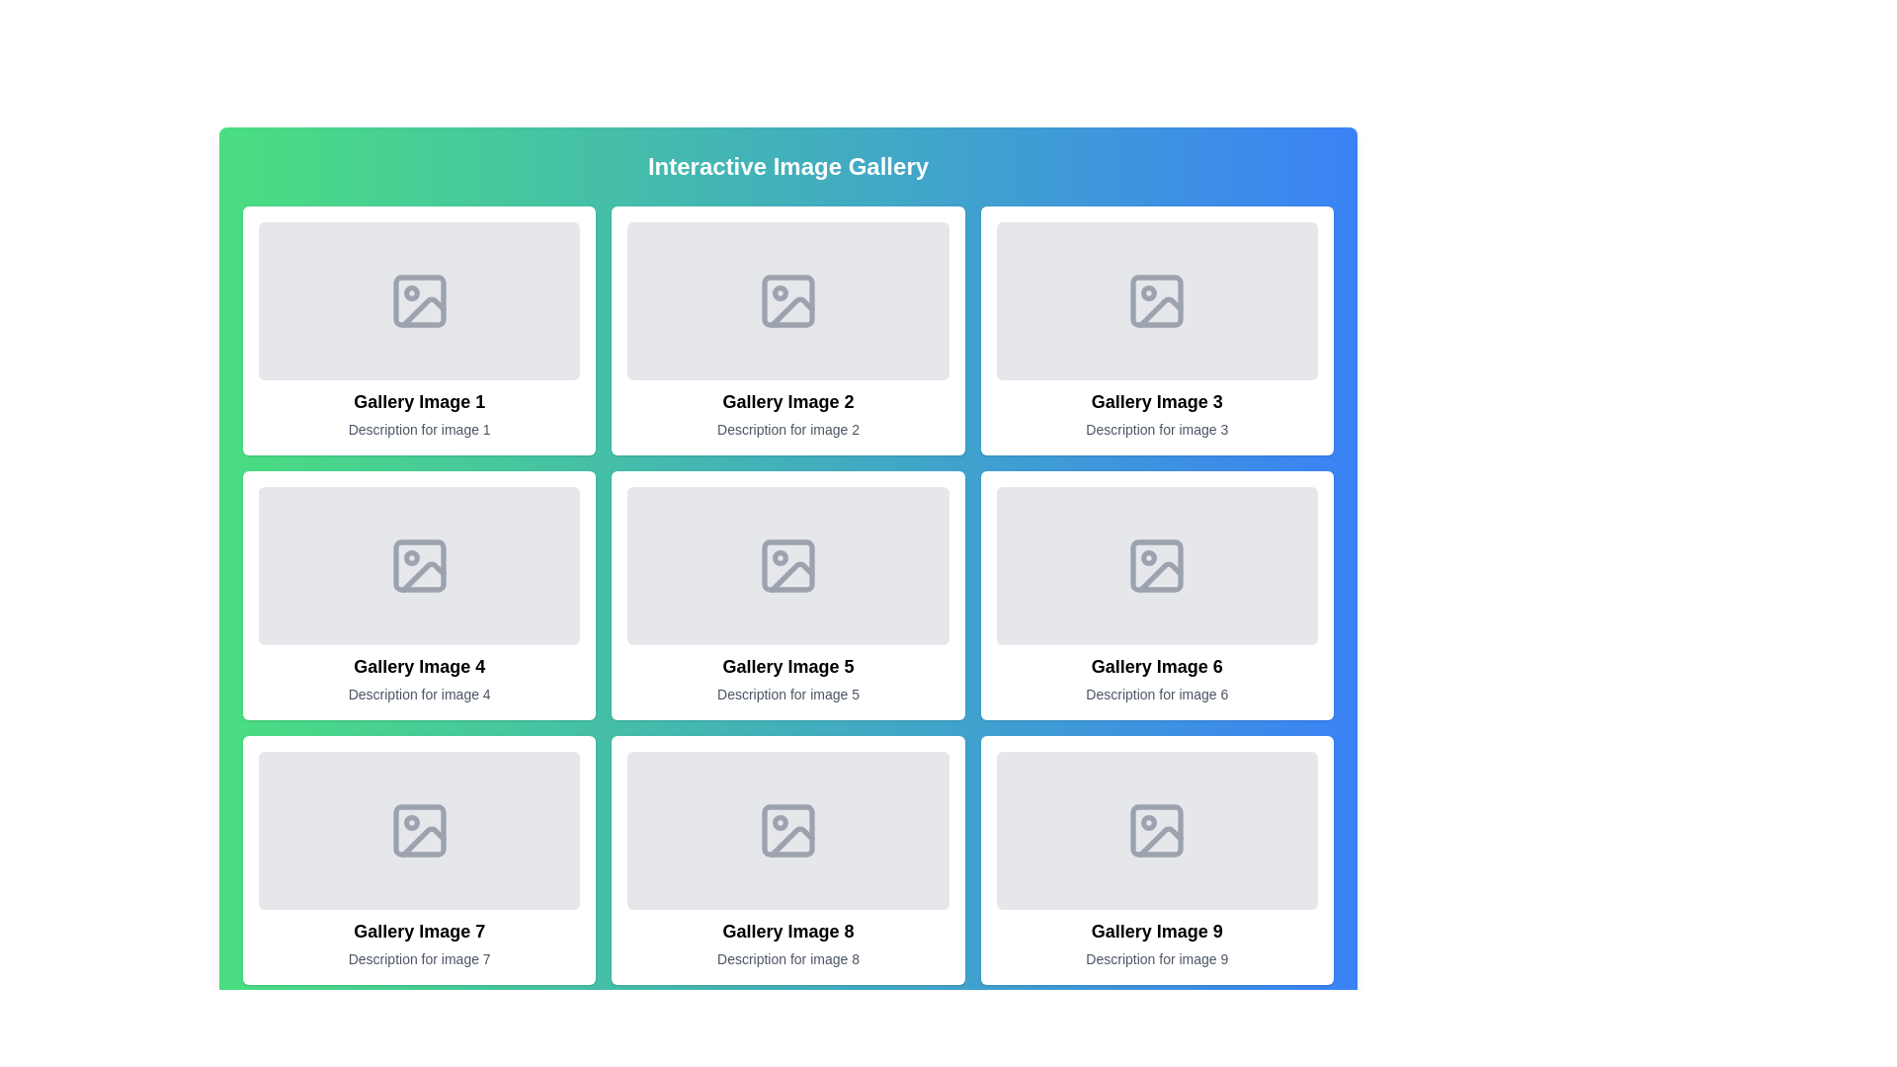 This screenshot has height=1067, width=1897. What do you see at coordinates (779, 293) in the screenshot?
I see `the Circle (SVG Element) that serves as an indicator within the 'Gallery Image 2' icon, located in the second column of the first row of the gallery` at bounding box center [779, 293].